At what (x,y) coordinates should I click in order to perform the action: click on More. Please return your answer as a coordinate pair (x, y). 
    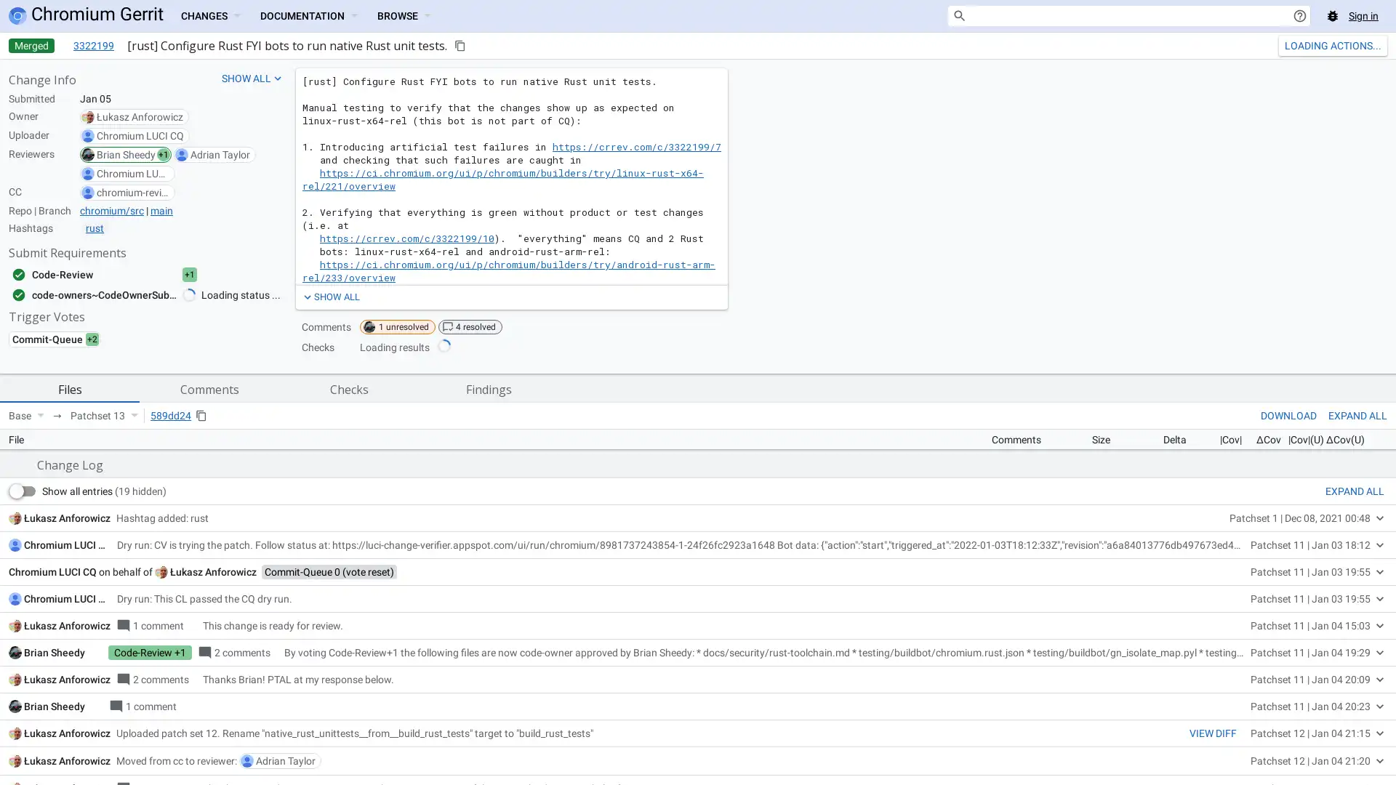
    Looking at the image, I should click on (1376, 44).